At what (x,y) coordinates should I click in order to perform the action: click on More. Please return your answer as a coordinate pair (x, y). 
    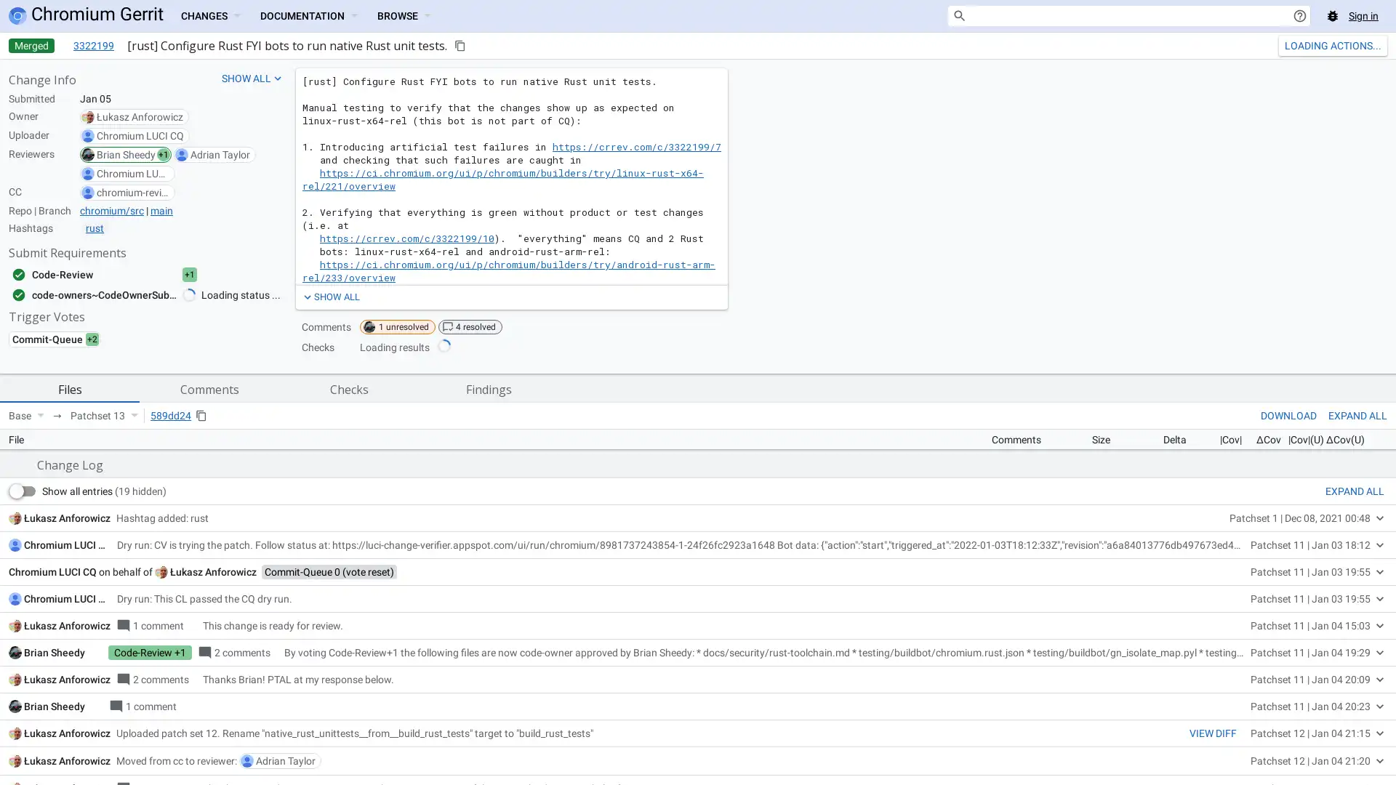
    Looking at the image, I should click on (1376, 44).